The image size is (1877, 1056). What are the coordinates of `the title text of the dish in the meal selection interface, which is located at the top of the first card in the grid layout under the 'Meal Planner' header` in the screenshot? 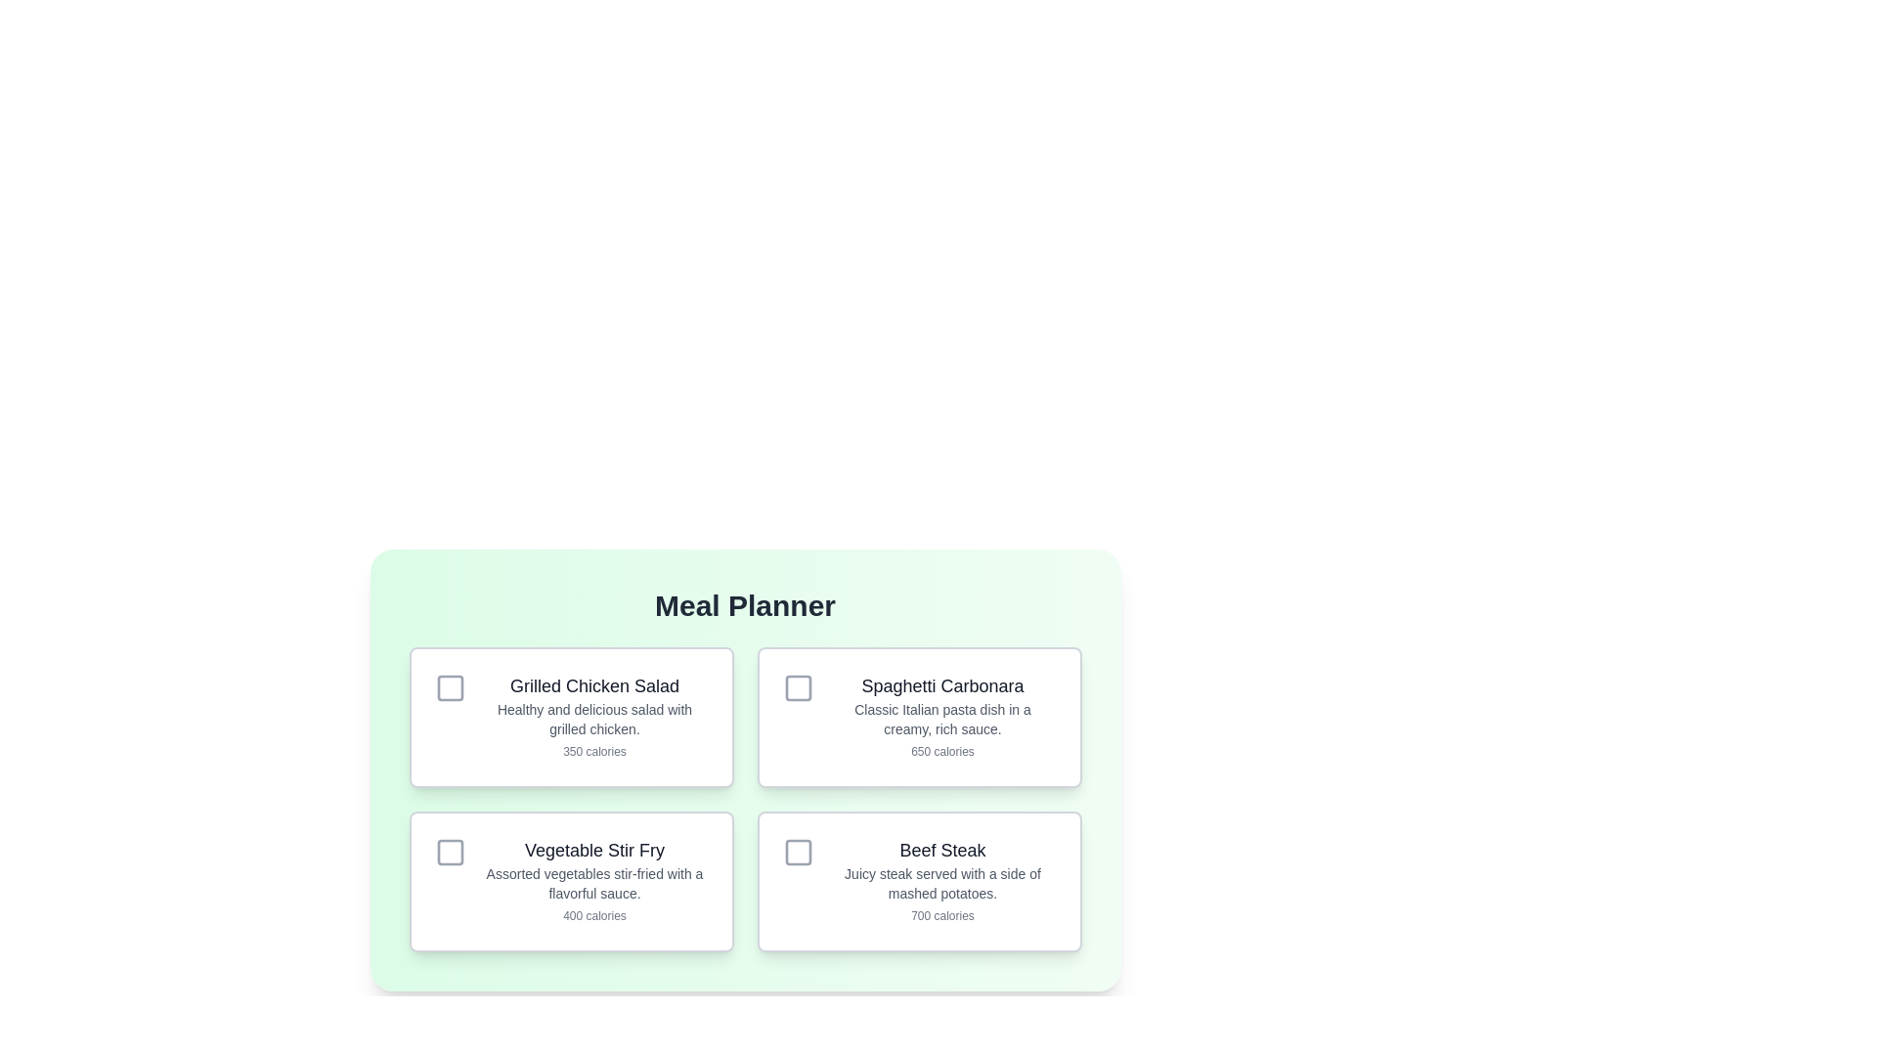 It's located at (593, 685).